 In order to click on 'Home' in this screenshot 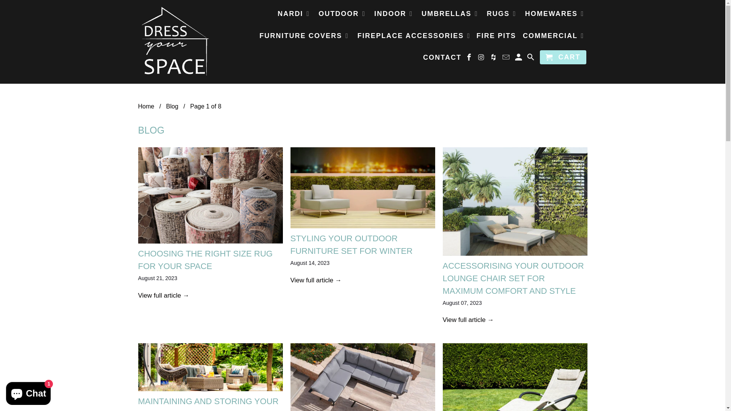, I will do `click(137, 106)`.